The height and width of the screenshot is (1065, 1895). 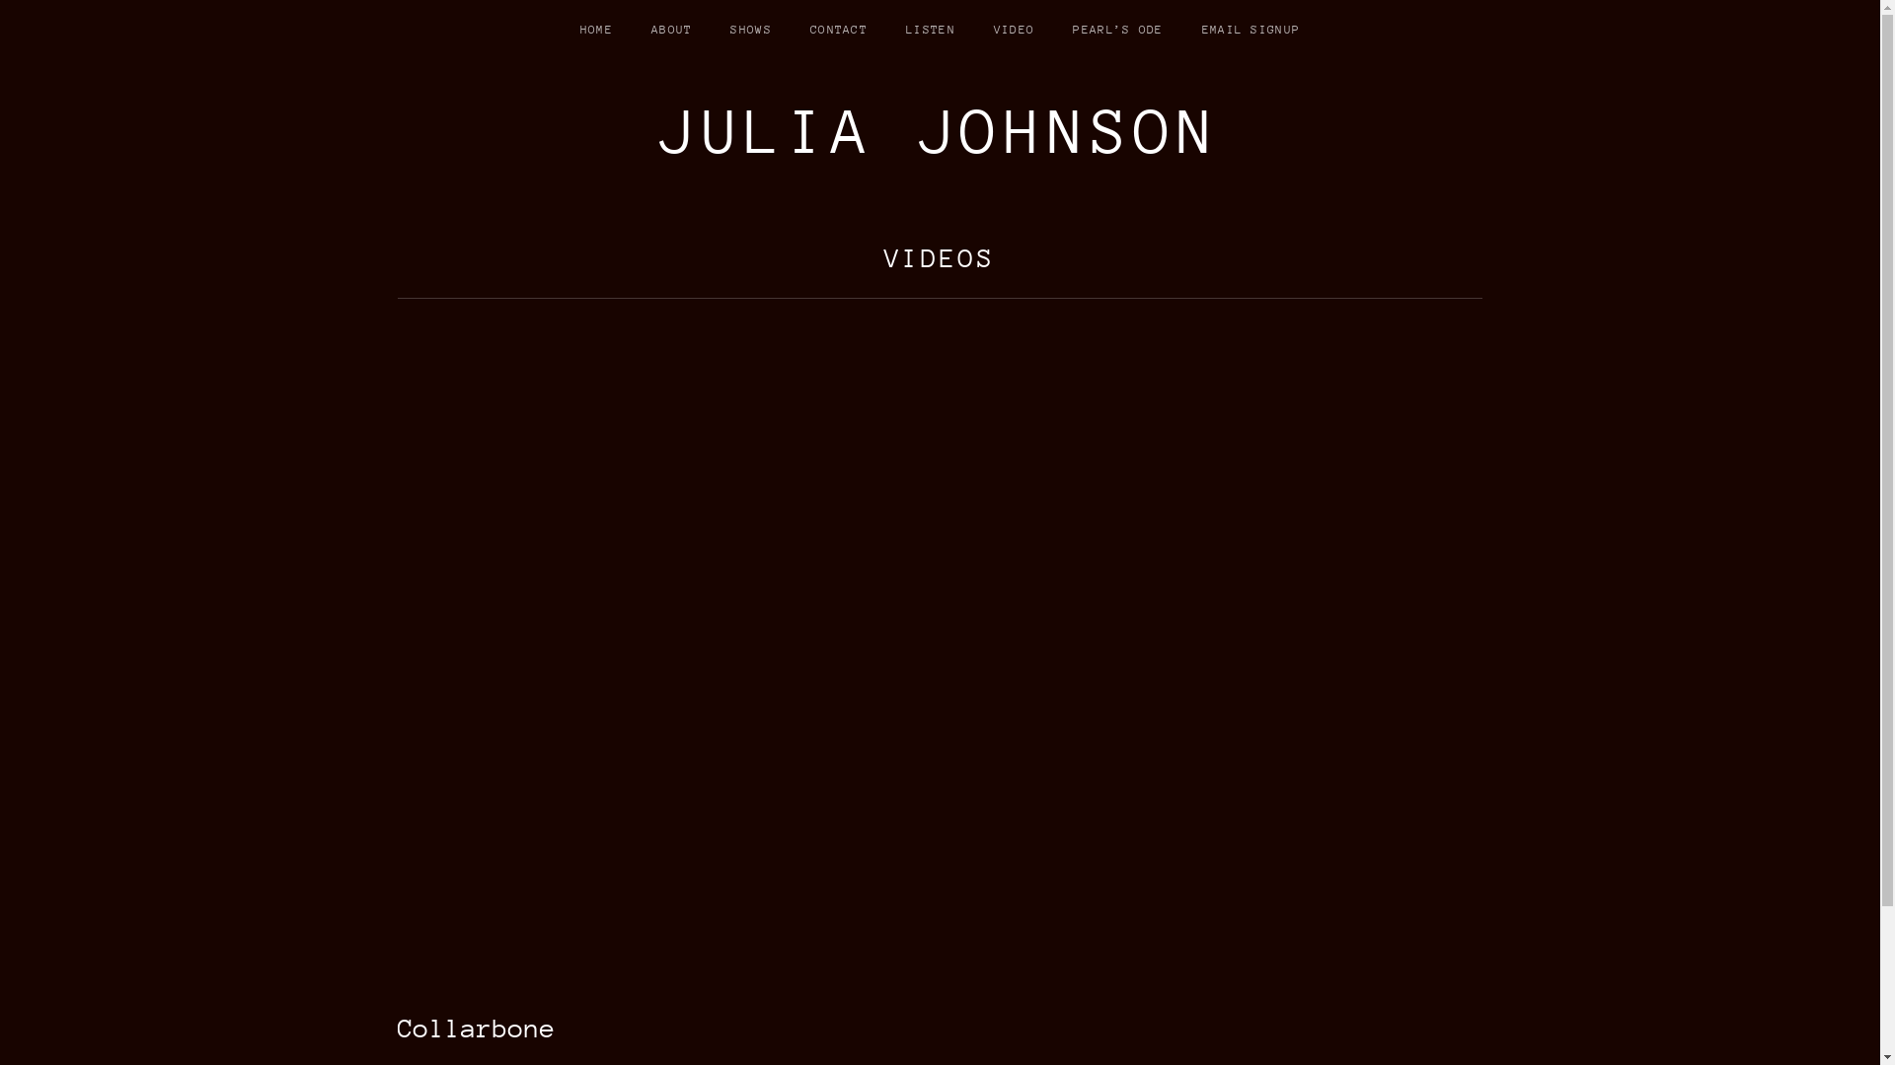 I want to click on 'JULIA JOHNSON', so click(x=939, y=131).